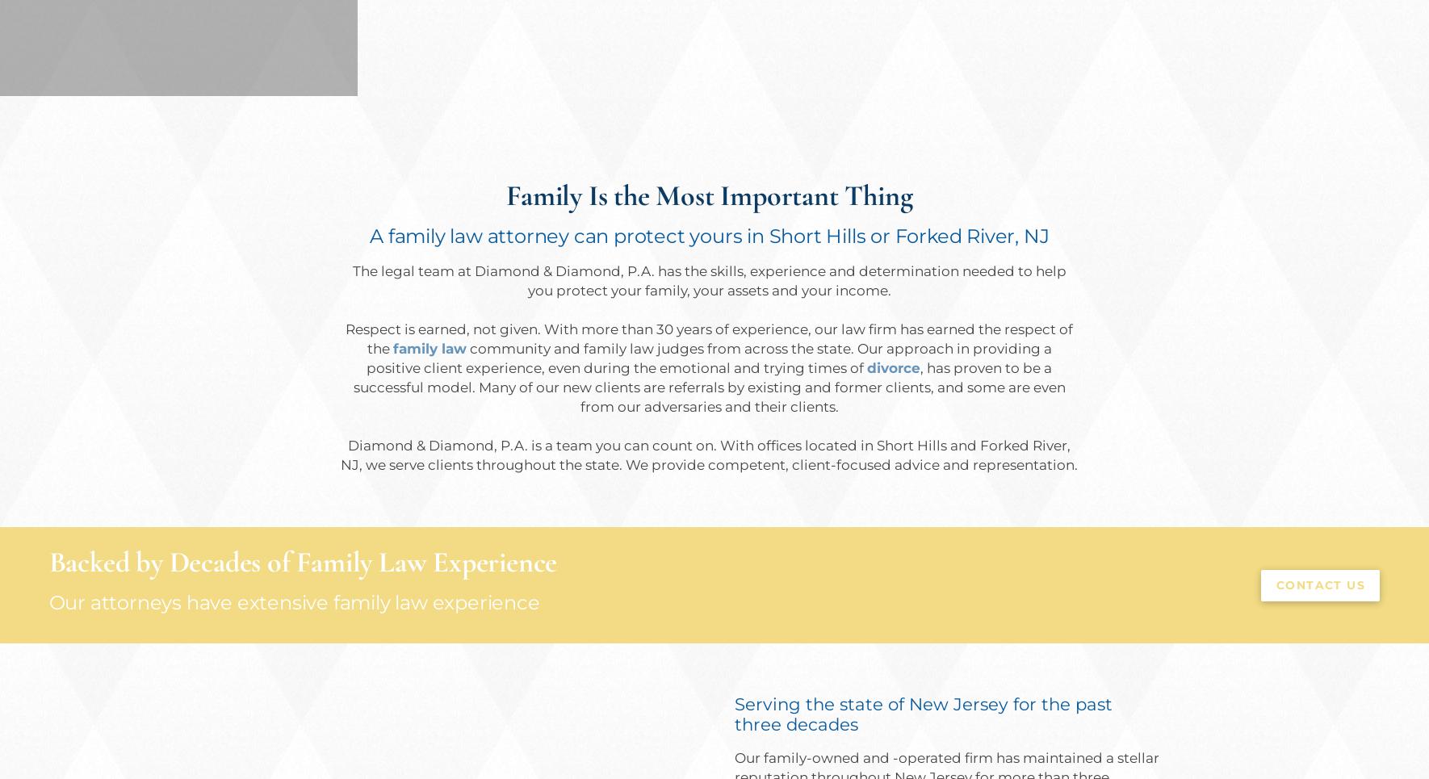 The height and width of the screenshot is (779, 1429). Describe the element at coordinates (708, 358) in the screenshot. I see `'community and family law judges from across the state. Our approach in providing a positive client experience, even during the emotional and trying times of'` at that location.